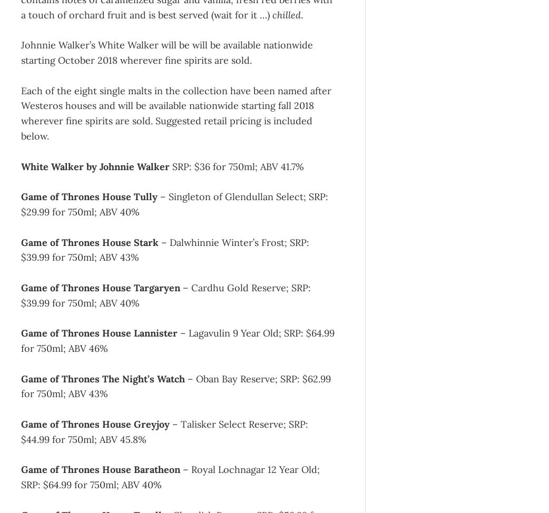  I want to click on '– Talisker Select Reserve; SRP: $44.99 for 750ml; ABV 45.8%', so click(164, 431).